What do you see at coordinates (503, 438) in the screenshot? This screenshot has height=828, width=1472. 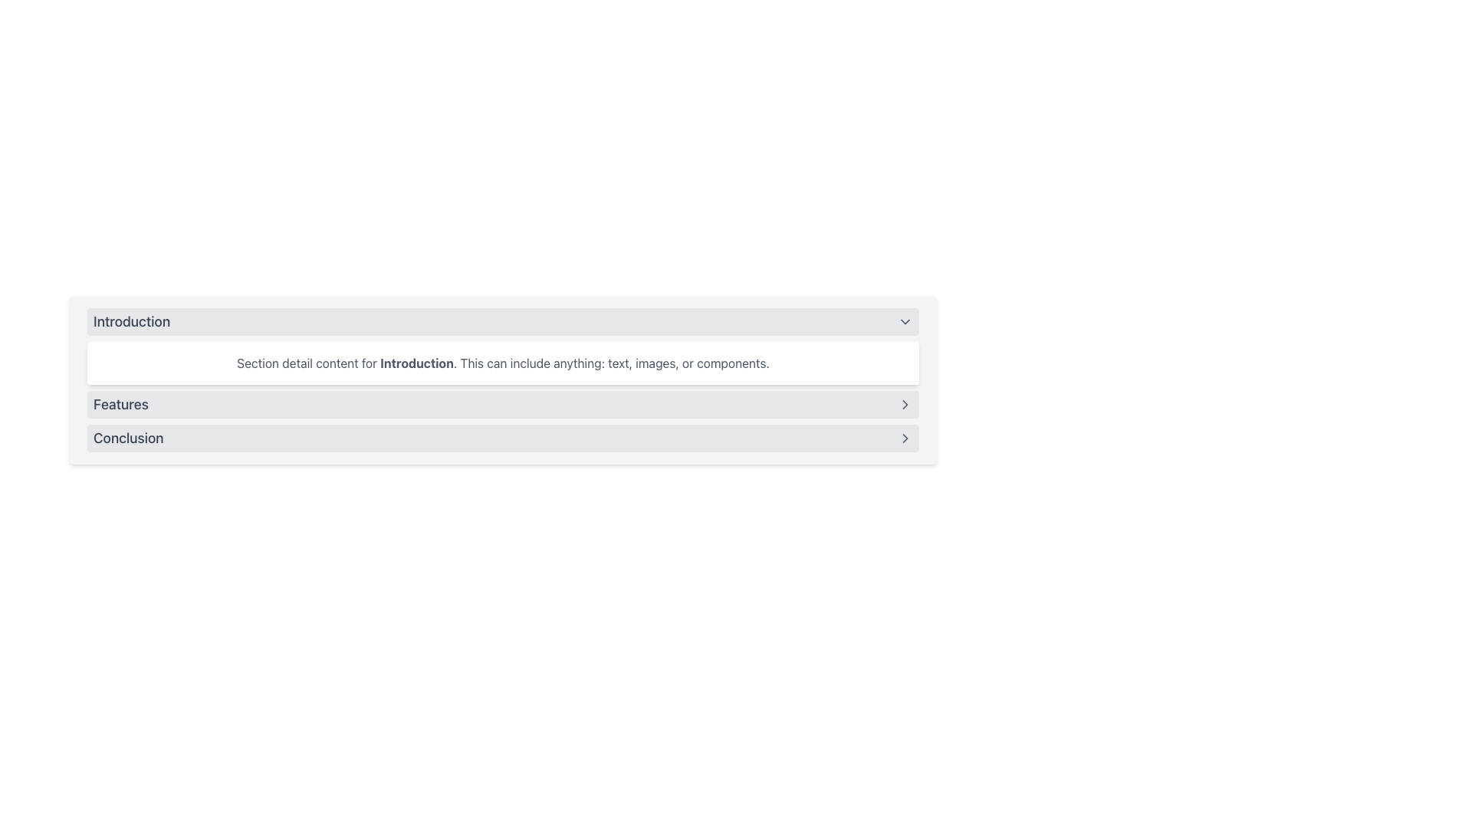 I see `the navigational button labeled 'Conclusion' located below the 'Features' item in the panel` at bounding box center [503, 438].